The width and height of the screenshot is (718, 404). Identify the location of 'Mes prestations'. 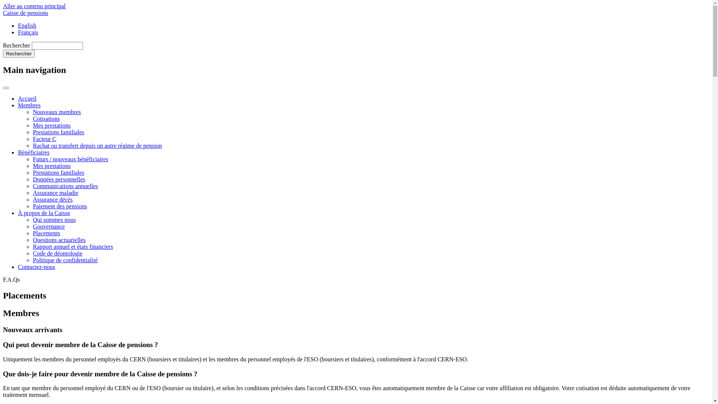
(32, 125).